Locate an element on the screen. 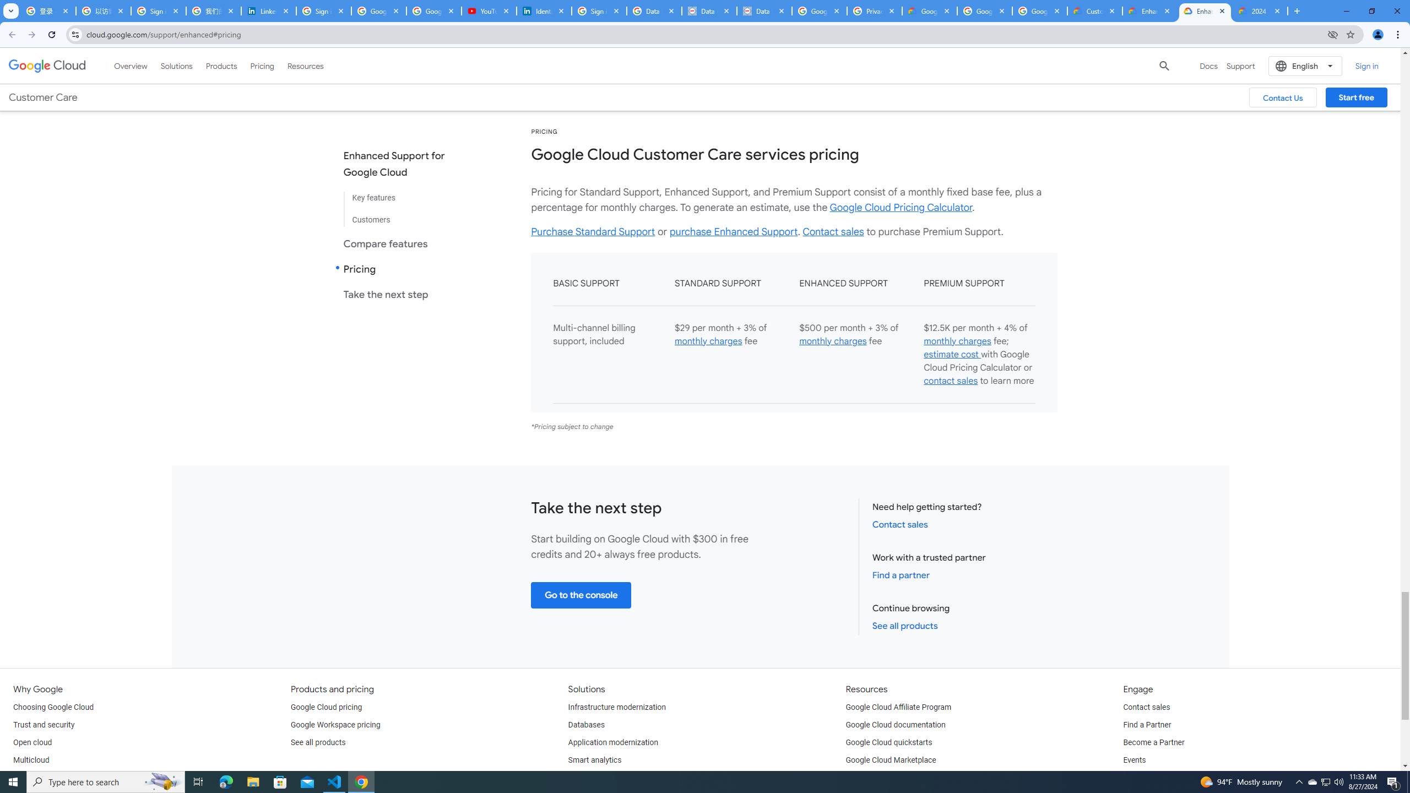  'Go to the console' is located at coordinates (581, 595).